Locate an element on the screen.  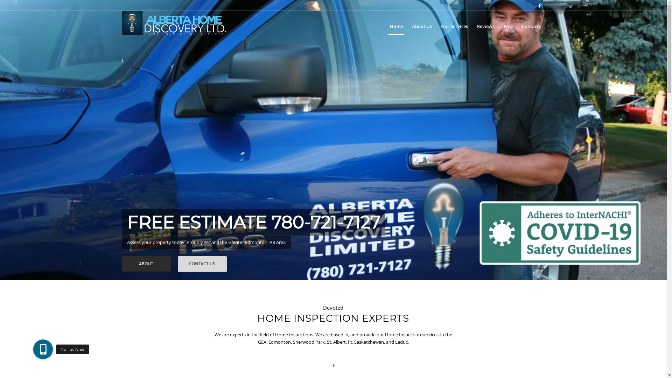
'Call us Now' is located at coordinates (43, 349).